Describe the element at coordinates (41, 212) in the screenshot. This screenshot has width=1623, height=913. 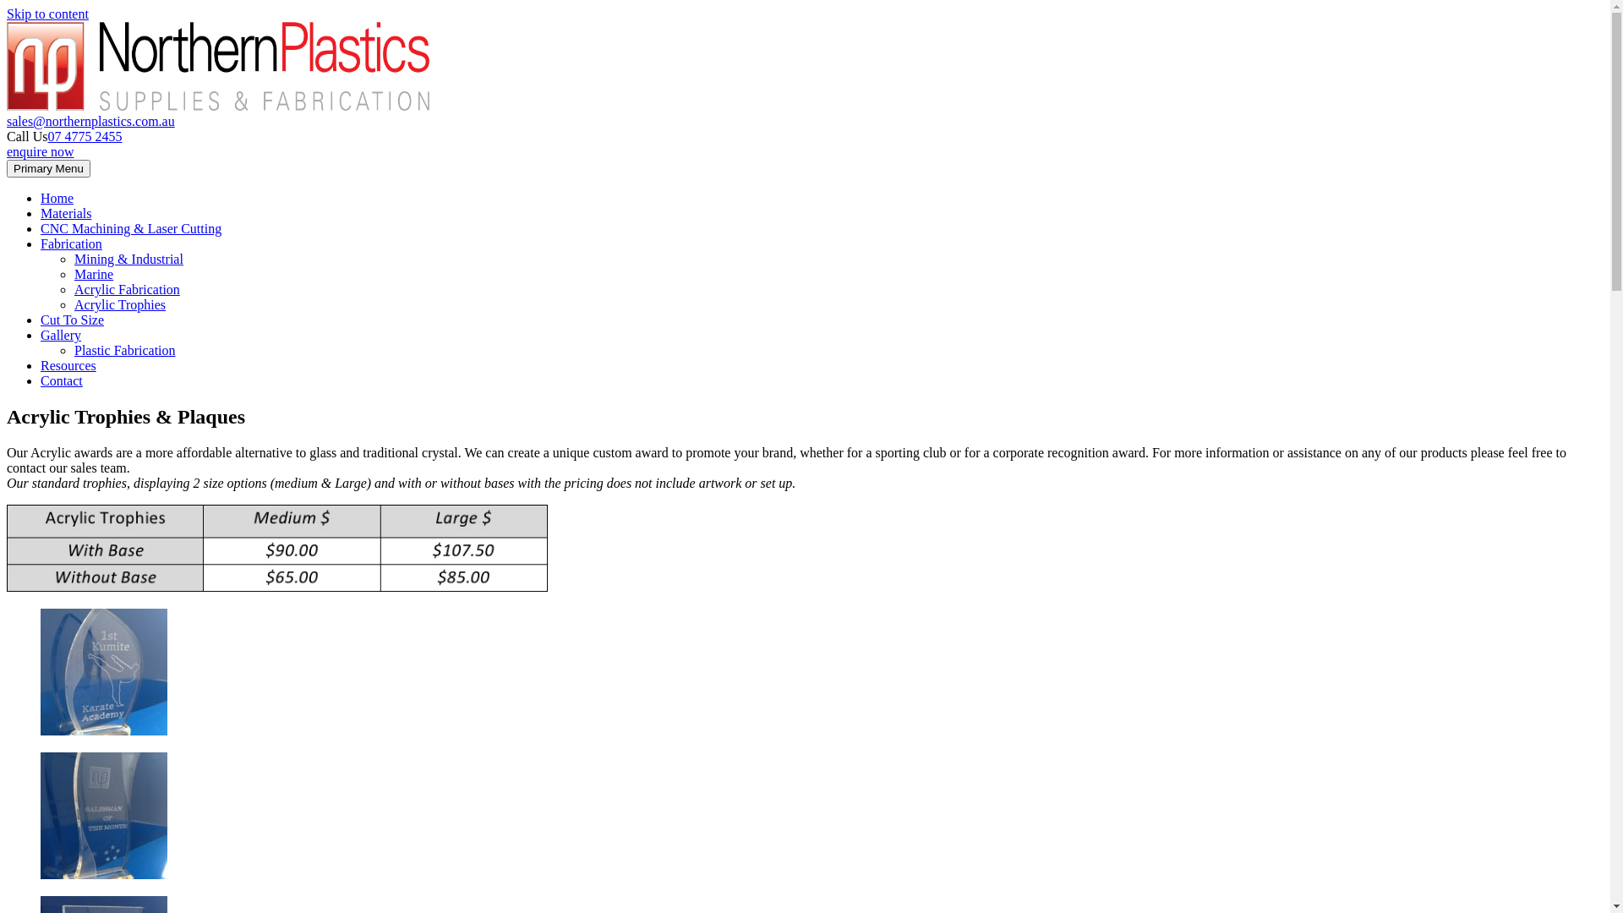
I see `'Materials'` at that location.